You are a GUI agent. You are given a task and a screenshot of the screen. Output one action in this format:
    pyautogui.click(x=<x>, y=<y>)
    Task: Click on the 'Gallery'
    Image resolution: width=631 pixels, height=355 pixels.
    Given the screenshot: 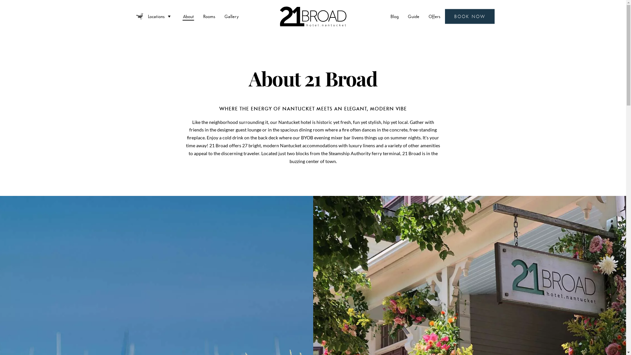 What is the action you would take?
    pyautogui.click(x=220, y=16)
    